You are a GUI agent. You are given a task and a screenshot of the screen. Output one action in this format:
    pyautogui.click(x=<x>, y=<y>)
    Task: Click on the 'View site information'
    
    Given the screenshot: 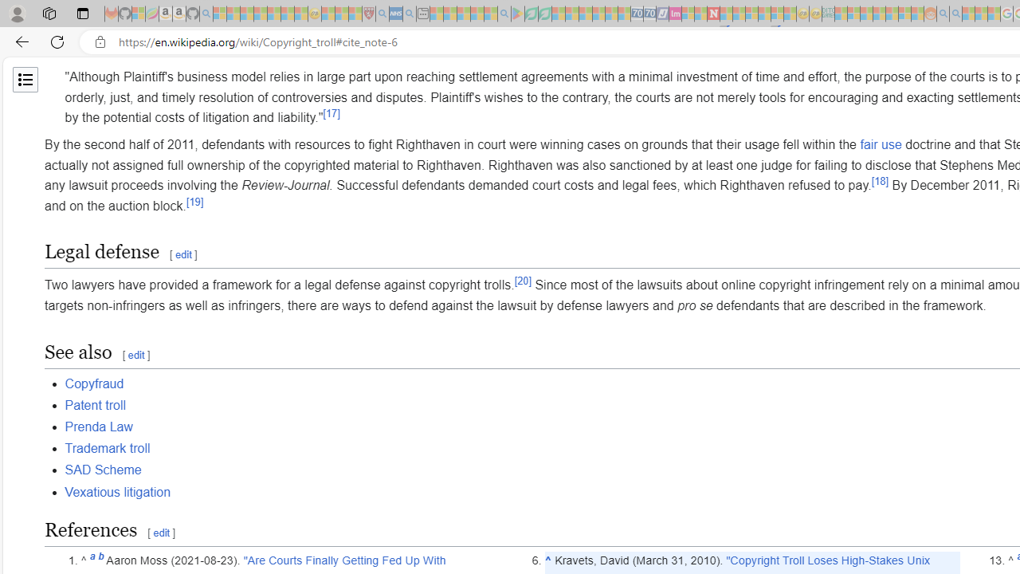 What is the action you would take?
    pyautogui.click(x=100, y=41)
    